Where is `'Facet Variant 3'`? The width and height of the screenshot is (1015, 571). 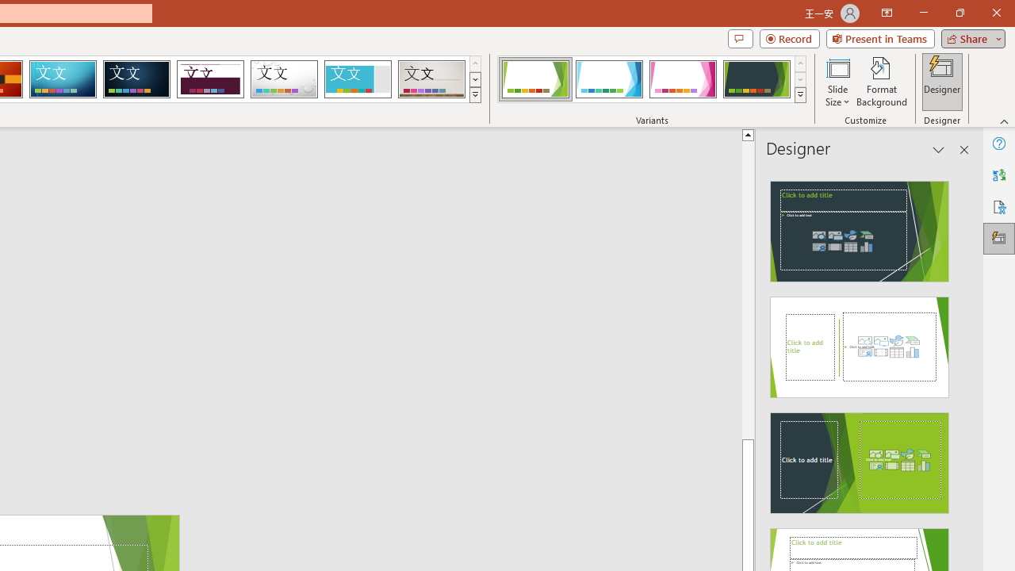 'Facet Variant 3' is located at coordinates (683, 79).